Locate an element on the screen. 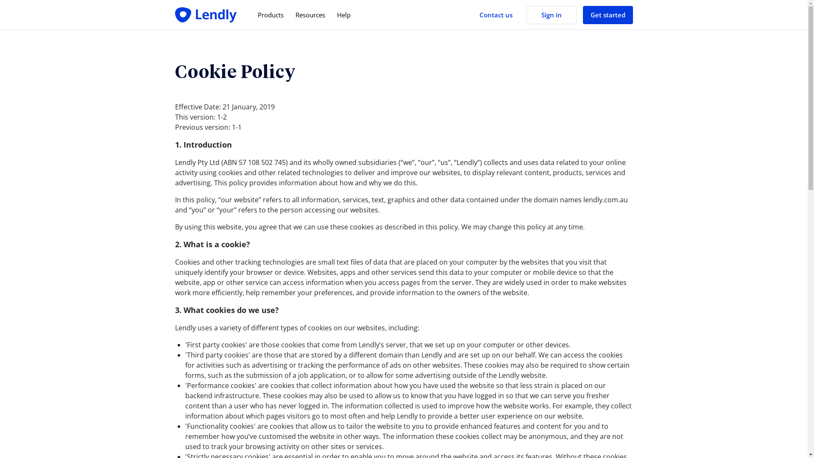 The height and width of the screenshot is (458, 814). 'Help' is located at coordinates (330, 15).